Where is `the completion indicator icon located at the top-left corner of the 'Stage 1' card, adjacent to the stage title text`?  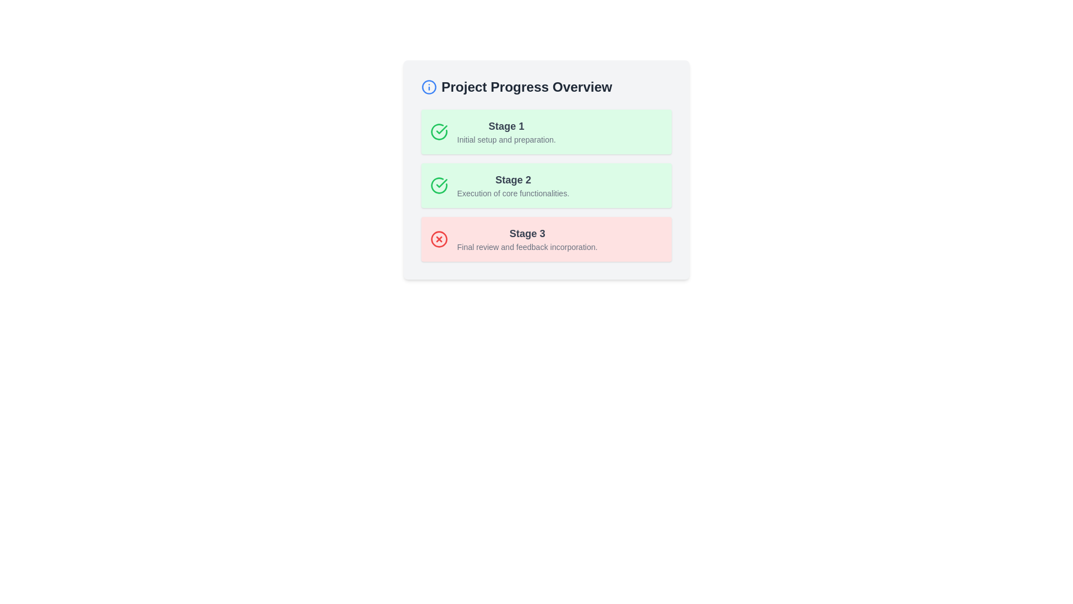
the completion indicator icon located at the top-left corner of the 'Stage 1' card, adjacent to the stage title text is located at coordinates (439, 131).